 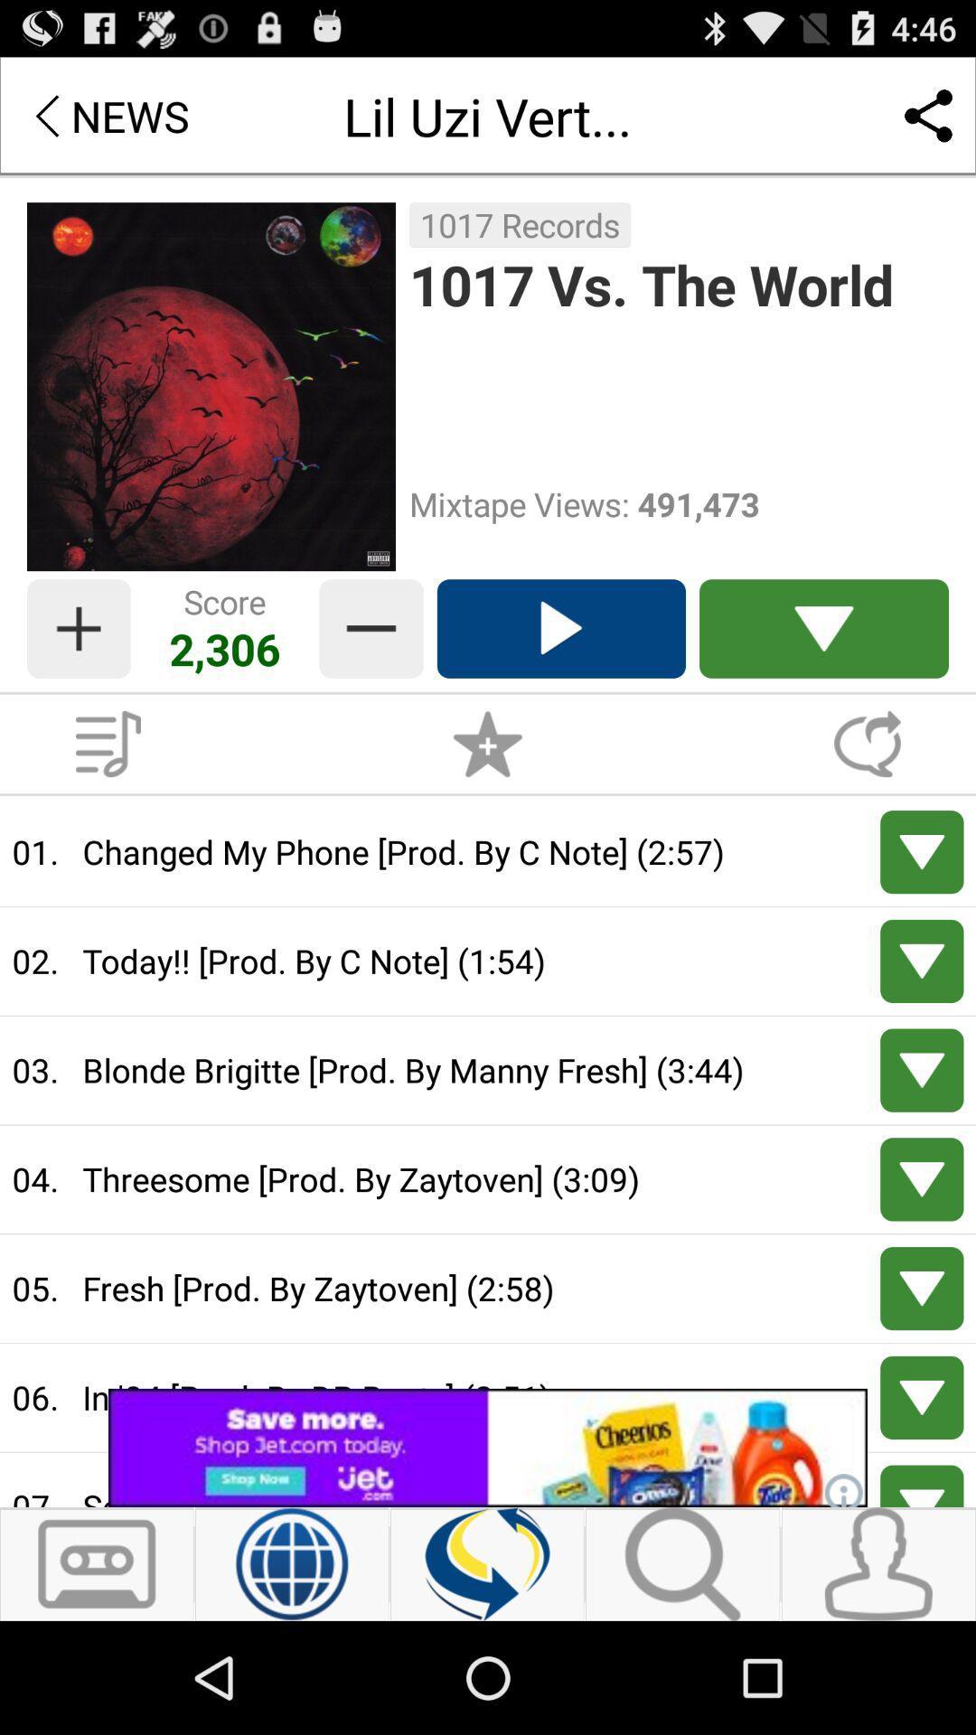 What do you see at coordinates (78, 629) in the screenshot?
I see `the score` at bounding box center [78, 629].